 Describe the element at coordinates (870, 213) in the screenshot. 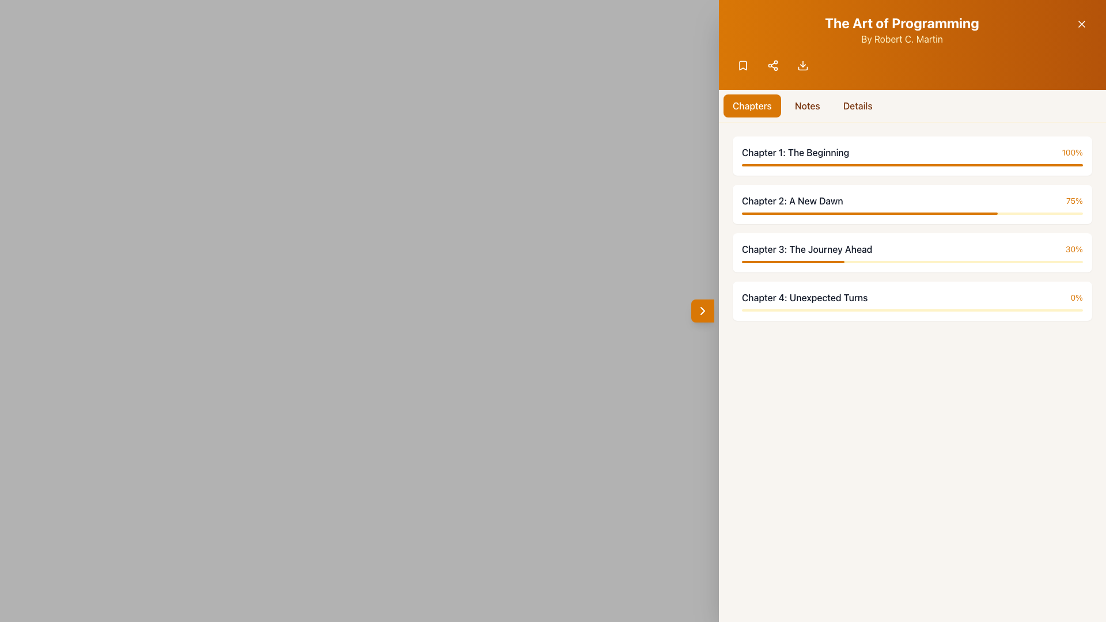

I see `the filled progress bar segment representing 75% progress under the label 'Chapter 2: A New Dawn' in the 'Chapters' list` at that location.